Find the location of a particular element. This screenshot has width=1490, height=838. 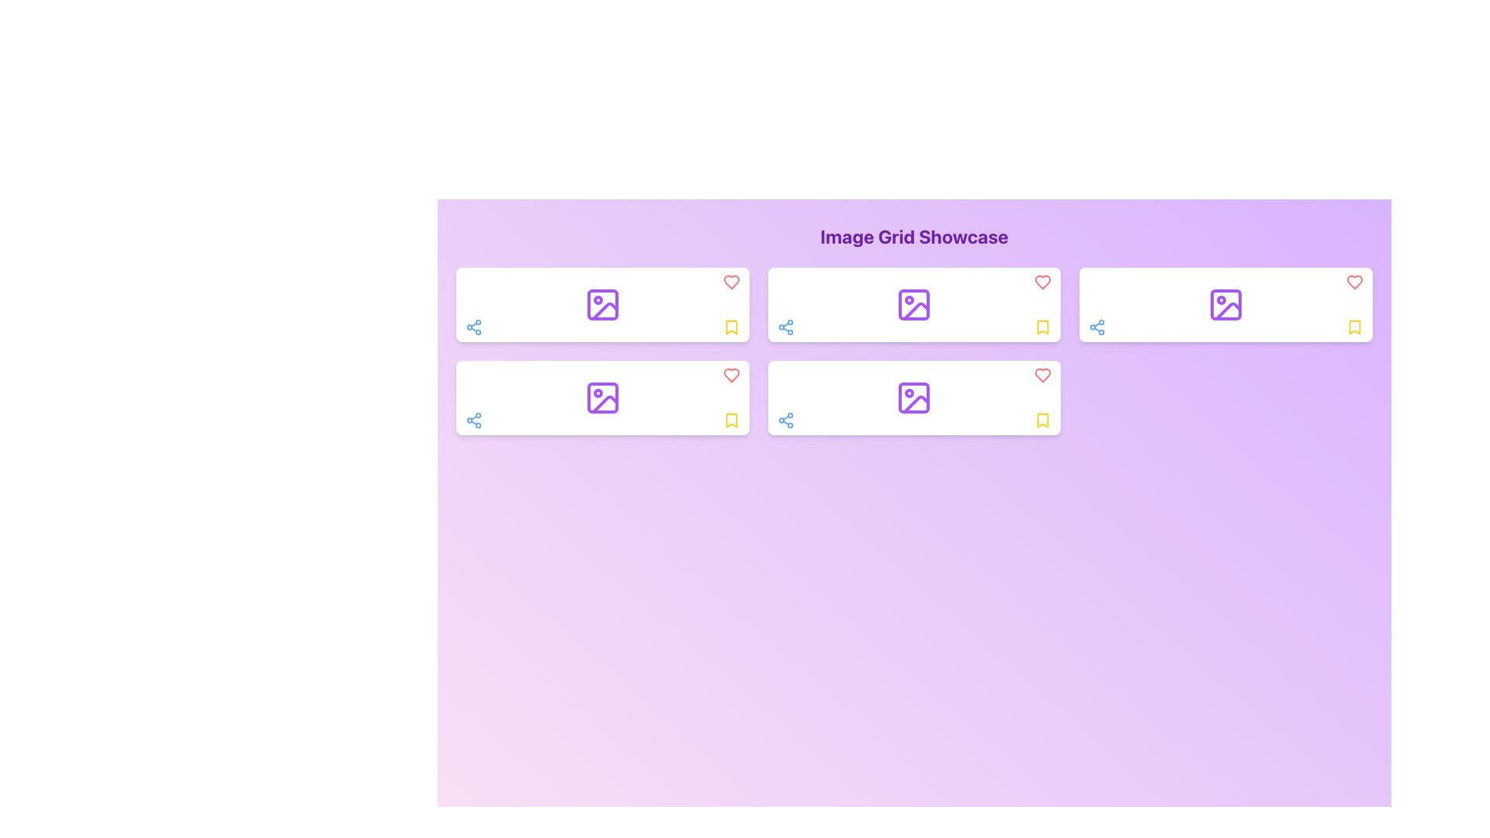

the heart icon in the top-right corner of the card is located at coordinates (1043, 282).